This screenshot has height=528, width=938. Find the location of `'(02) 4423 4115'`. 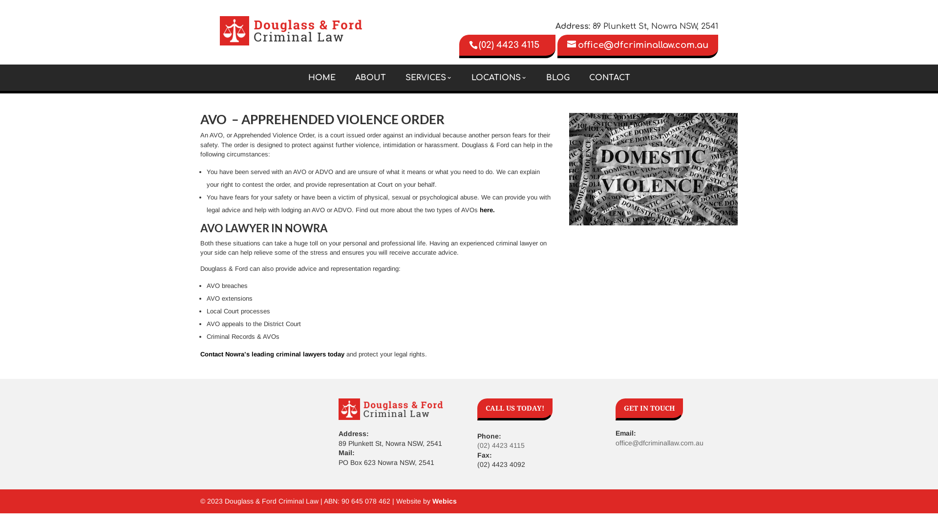

'(02) 4423 4115' is located at coordinates (507, 46).